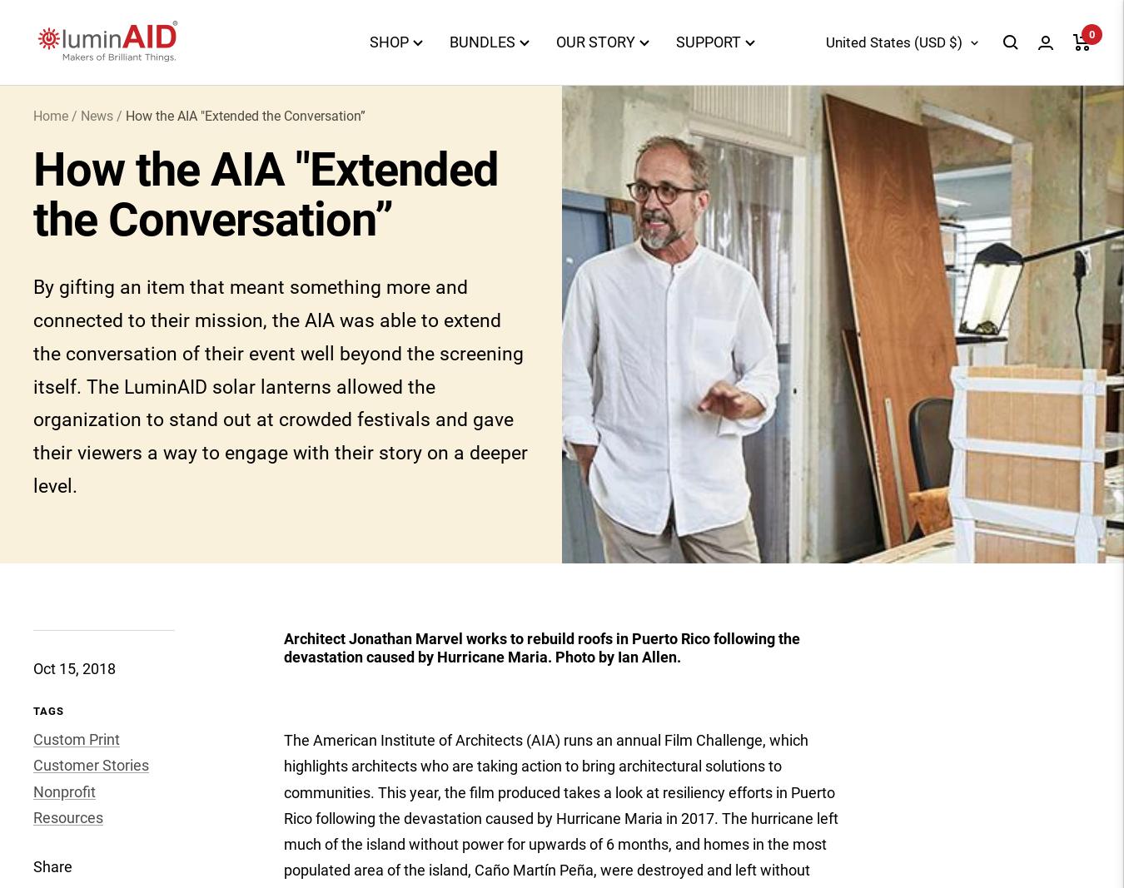 The width and height of the screenshot is (1124, 888). Describe the element at coordinates (387, 41) in the screenshot. I see `'SHOP'` at that location.